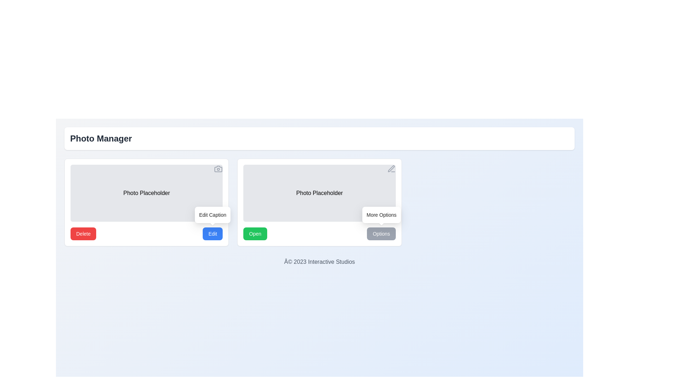  What do you see at coordinates (391, 169) in the screenshot?
I see `the icon button located in the upper-right corner of the second photo placeholder area` at bounding box center [391, 169].